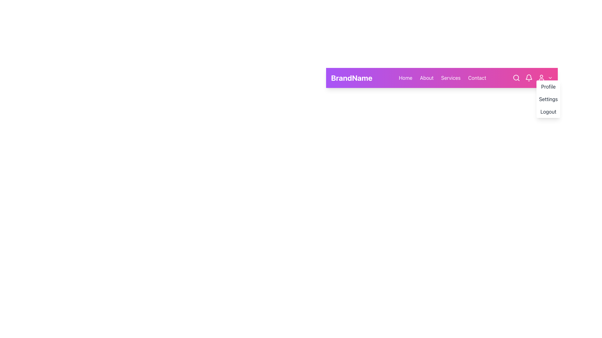 This screenshot has width=602, height=338. Describe the element at coordinates (548, 99) in the screenshot. I see `the 'Settings' text label in the dropdown menu` at that location.